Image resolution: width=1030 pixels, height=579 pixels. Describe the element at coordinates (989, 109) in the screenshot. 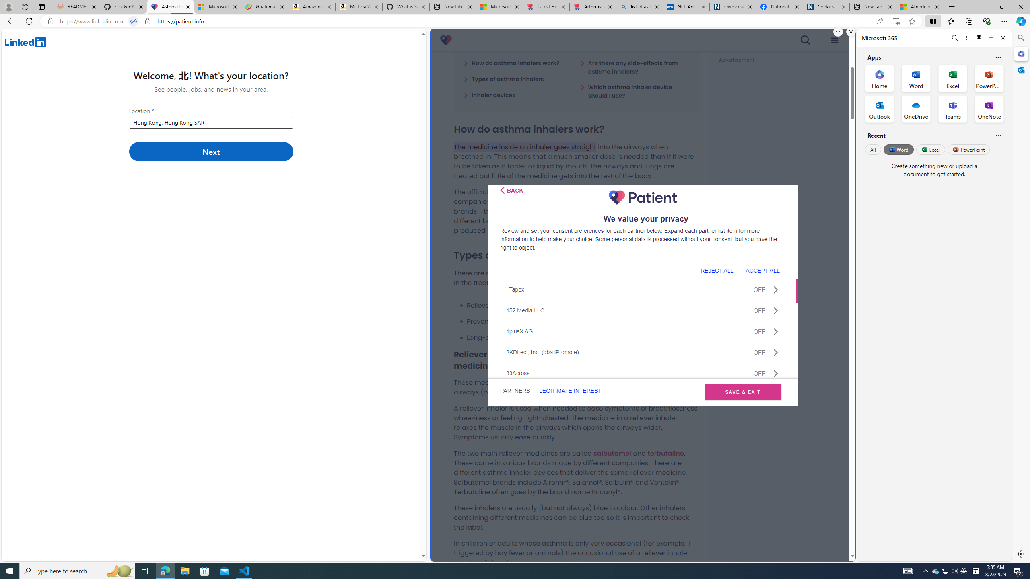

I see `'OneNote Office App'` at that location.